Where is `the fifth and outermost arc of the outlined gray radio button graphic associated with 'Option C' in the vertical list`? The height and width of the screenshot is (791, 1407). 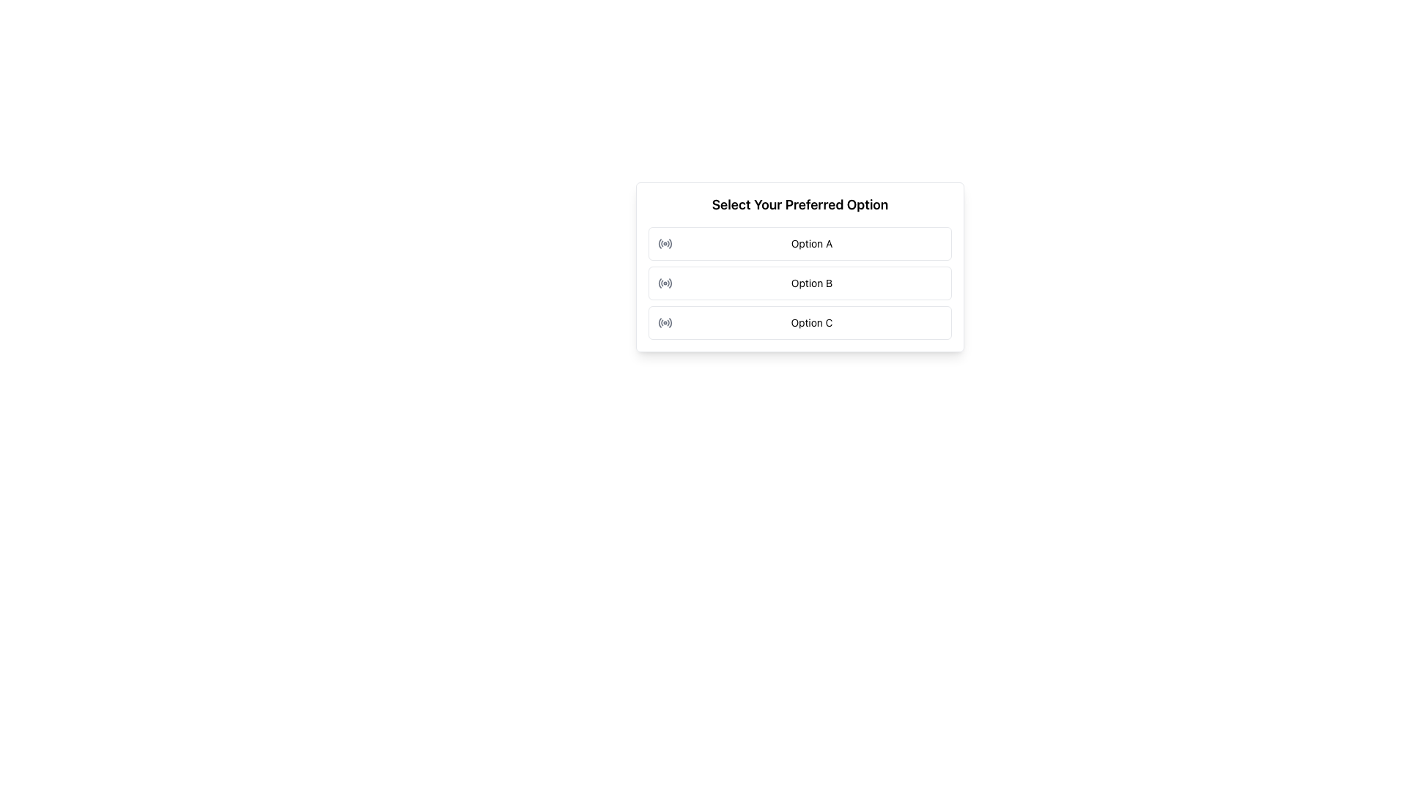
the fifth and outermost arc of the outlined gray radio button graphic associated with 'Option C' in the vertical list is located at coordinates (670, 322).